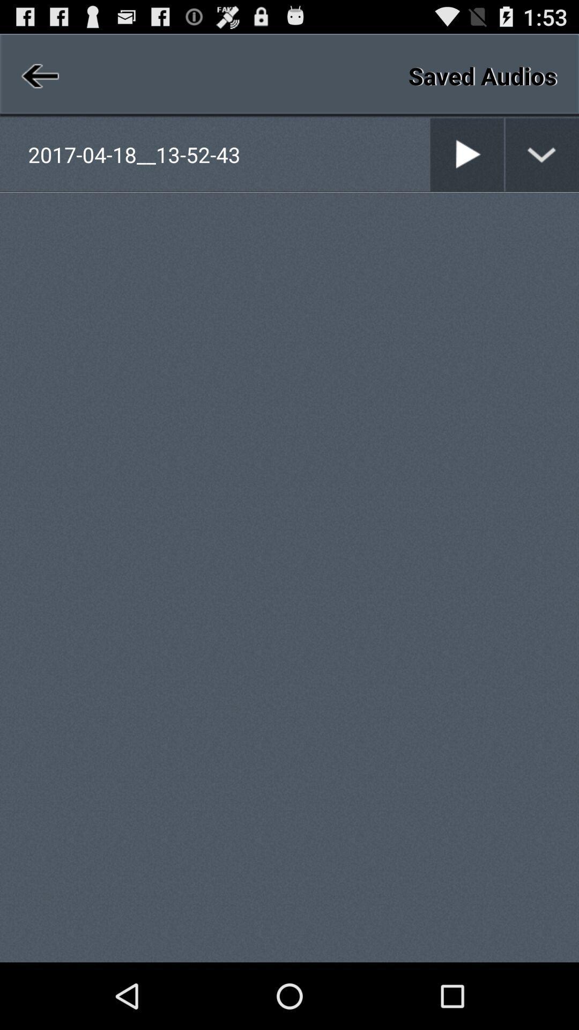 This screenshot has height=1030, width=579. Describe the element at coordinates (542, 154) in the screenshot. I see `more information` at that location.